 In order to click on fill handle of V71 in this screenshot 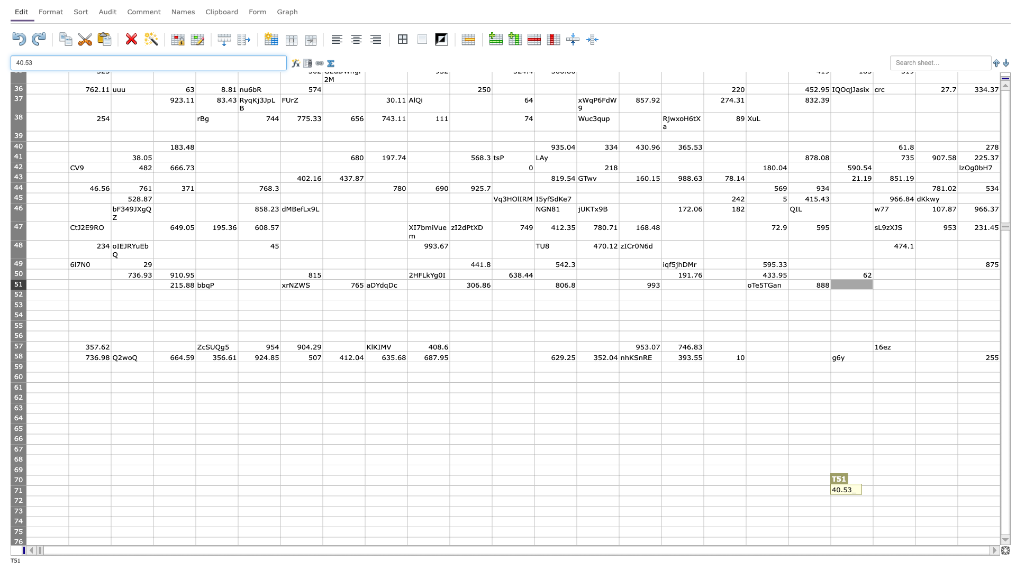, I will do `click(957, 495)`.